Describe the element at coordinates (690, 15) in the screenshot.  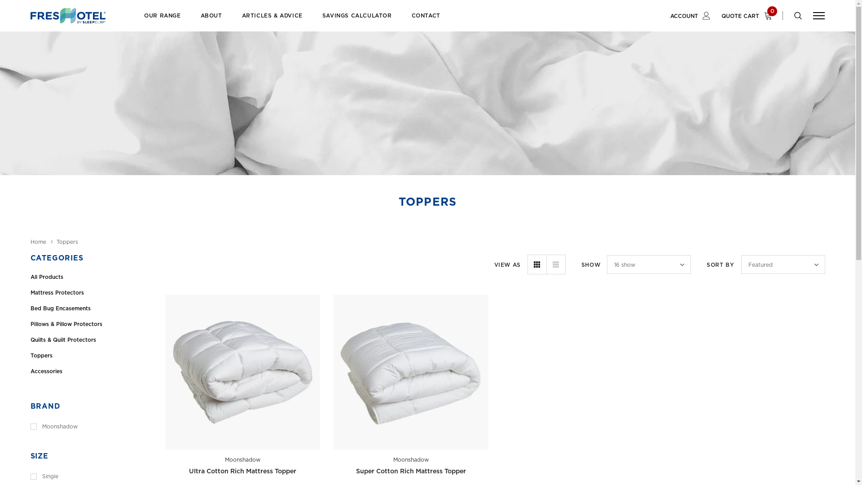
I see `'ACCOUNT'` at that location.